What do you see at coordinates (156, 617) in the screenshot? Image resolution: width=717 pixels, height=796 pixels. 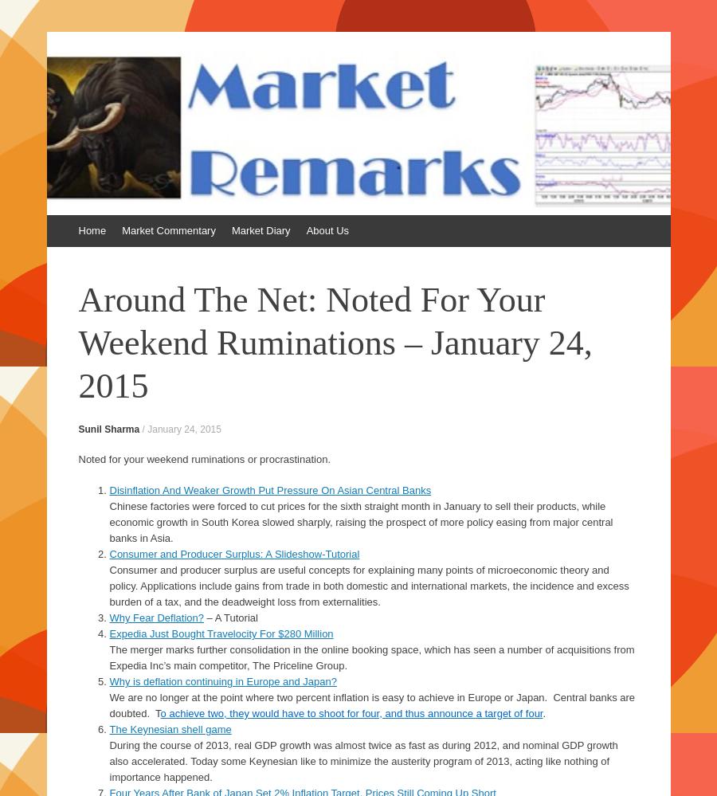 I see `'Why Fear Deflation?'` at bounding box center [156, 617].